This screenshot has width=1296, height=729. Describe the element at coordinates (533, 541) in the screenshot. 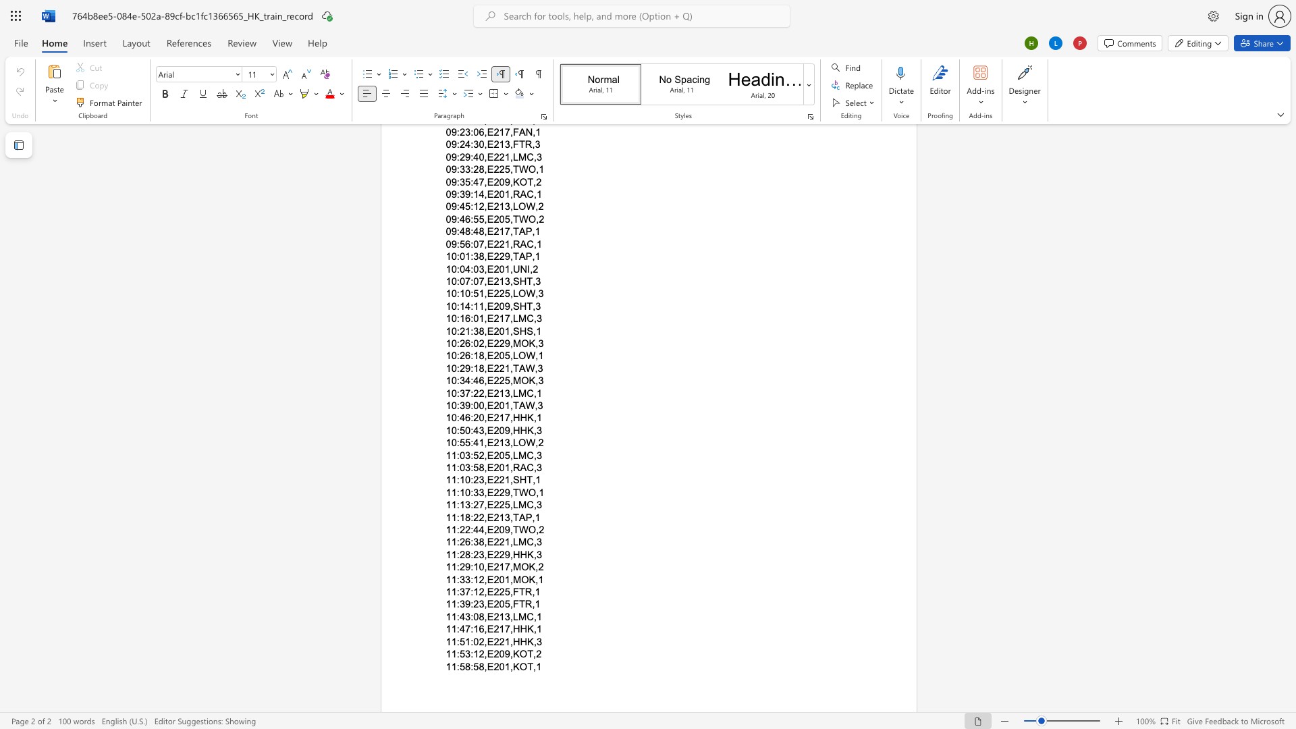

I see `the subset text ",3" within the text "11:26:38,E221,LMC,3"` at that location.